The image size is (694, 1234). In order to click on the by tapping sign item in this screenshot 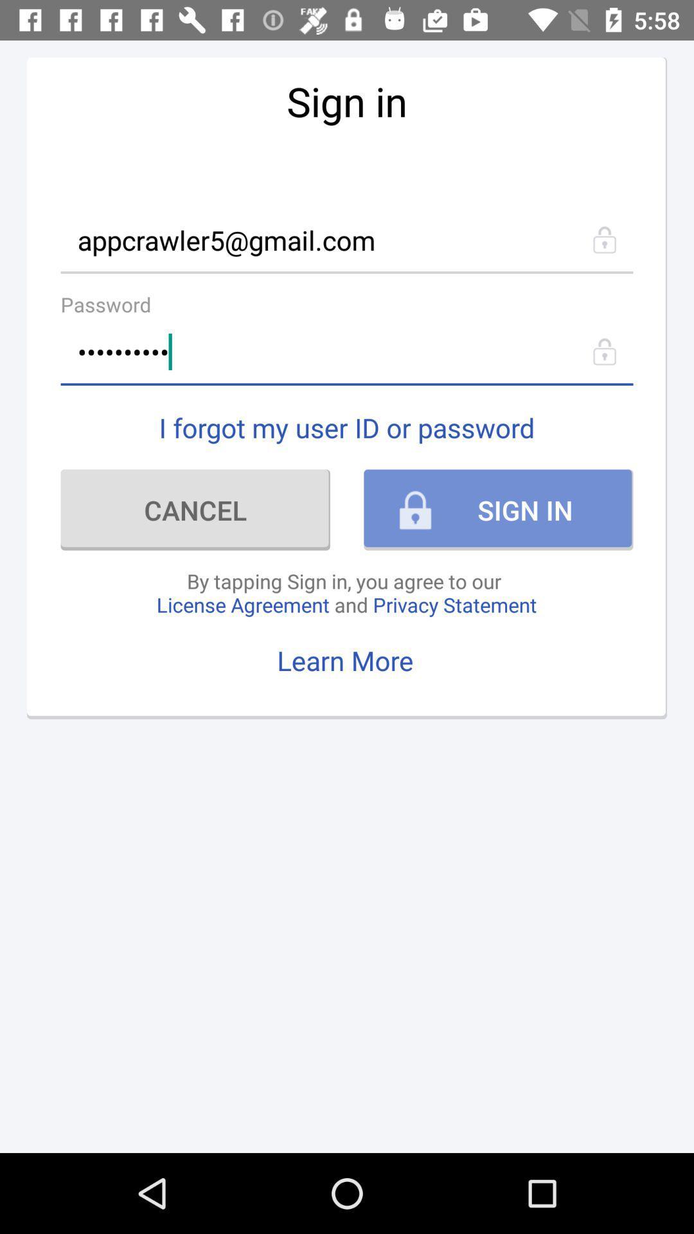, I will do `click(346, 592)`.